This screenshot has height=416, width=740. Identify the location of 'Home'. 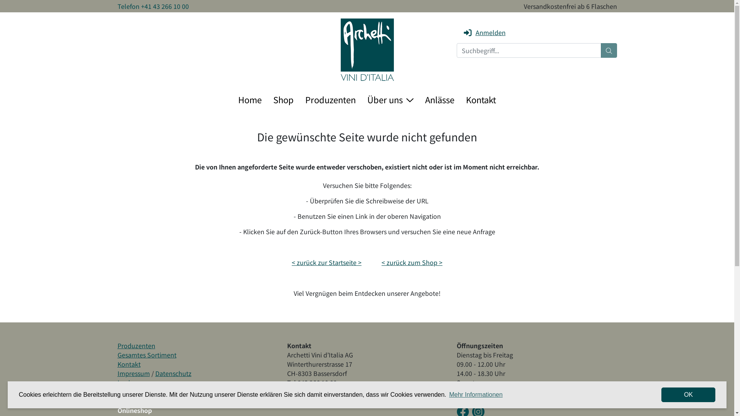
(250, 99).